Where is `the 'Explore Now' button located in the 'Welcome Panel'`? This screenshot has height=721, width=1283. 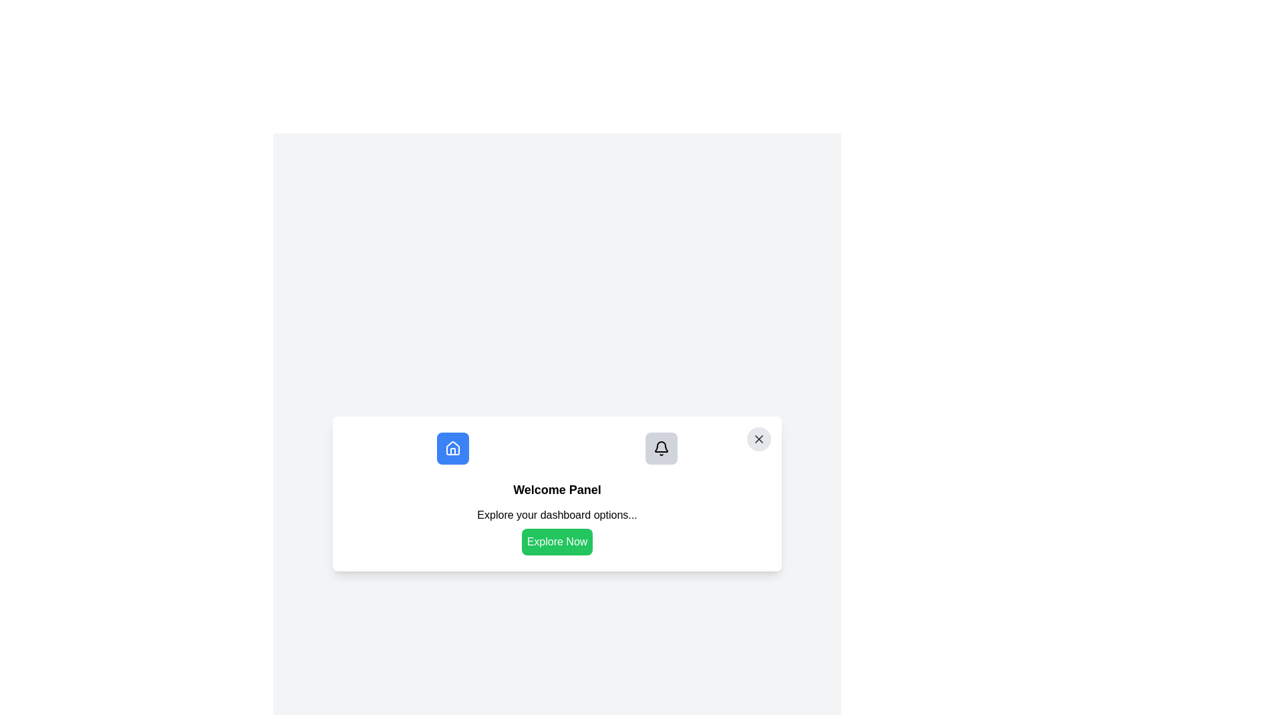 the 'Explore Now' button located in the 'Welcome Panel' is located at coordinates (557, 530).